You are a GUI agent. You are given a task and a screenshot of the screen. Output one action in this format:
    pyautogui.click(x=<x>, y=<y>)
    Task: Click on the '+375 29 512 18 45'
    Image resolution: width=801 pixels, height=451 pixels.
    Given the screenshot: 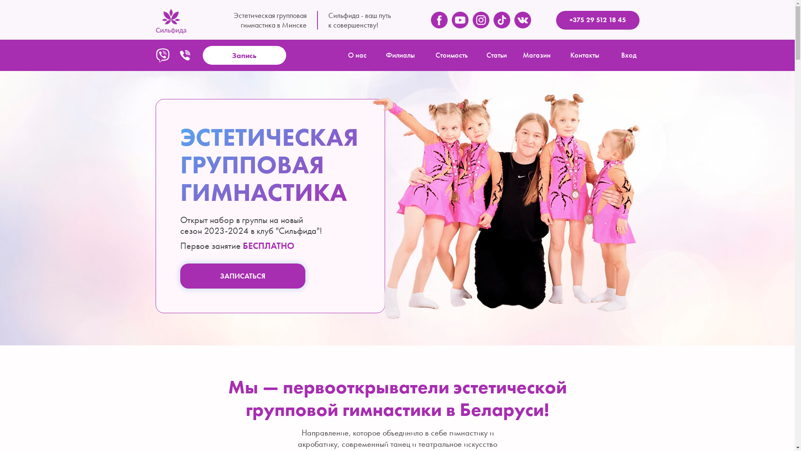 What is the action you would take?
    pyautogui.click(x=555, y=20)
    